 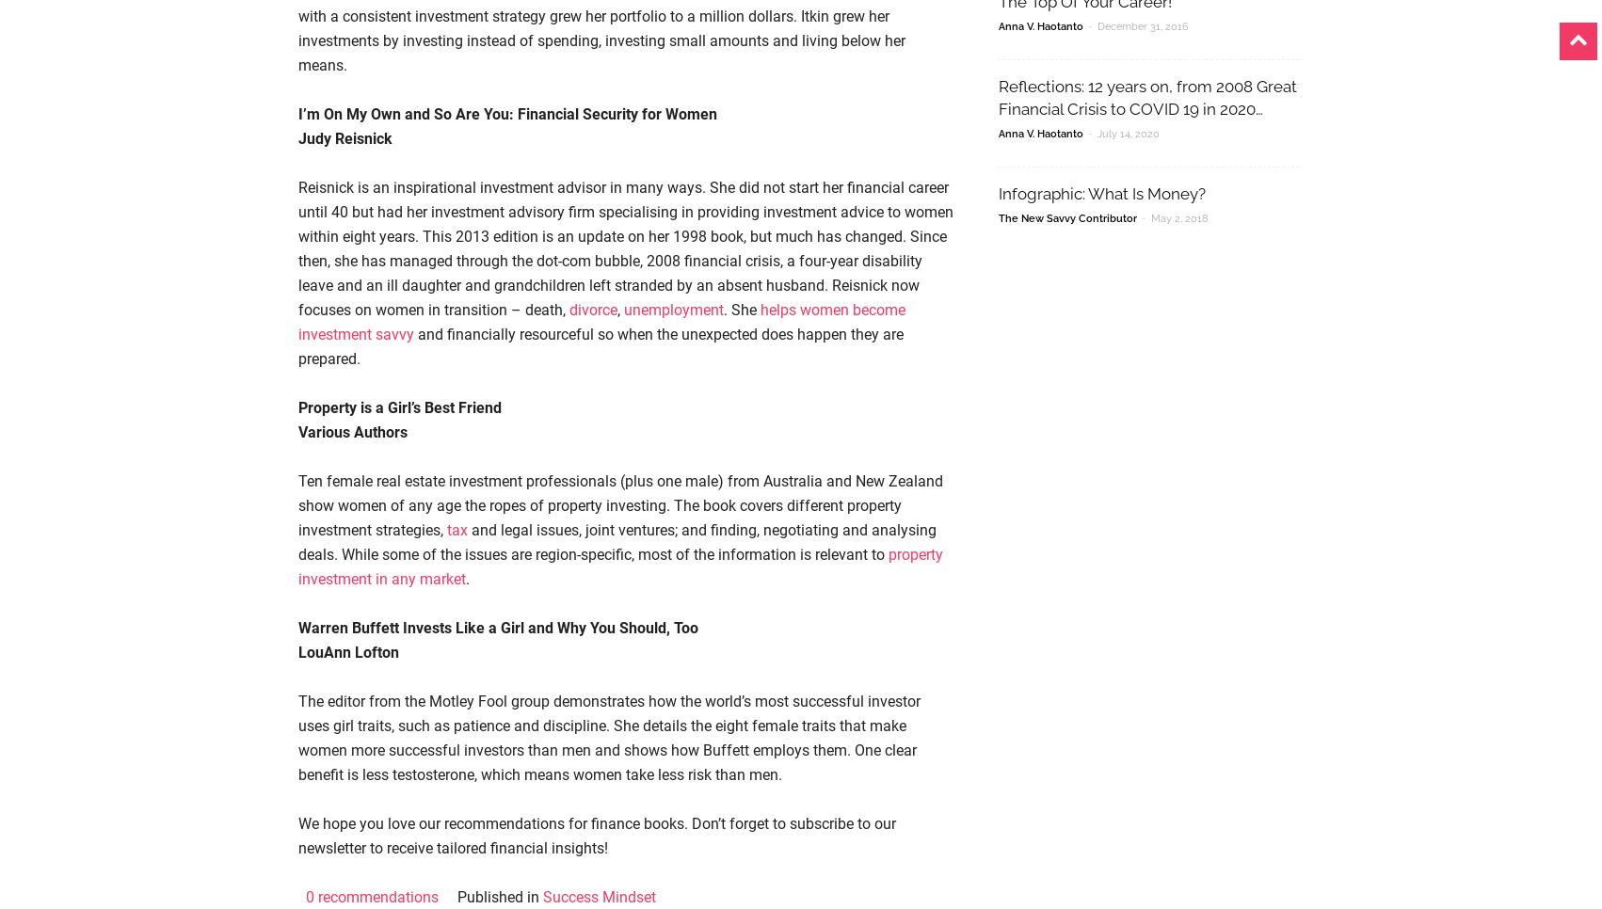 What do you see at coordinates (617, 541) in the screenshot?
I see `'and legal issues, joint ventures; and finding, negotiating and analysing deals. While some of the issues are region-specific, most of the information is relevant to'` at bounding box center [617, 541].